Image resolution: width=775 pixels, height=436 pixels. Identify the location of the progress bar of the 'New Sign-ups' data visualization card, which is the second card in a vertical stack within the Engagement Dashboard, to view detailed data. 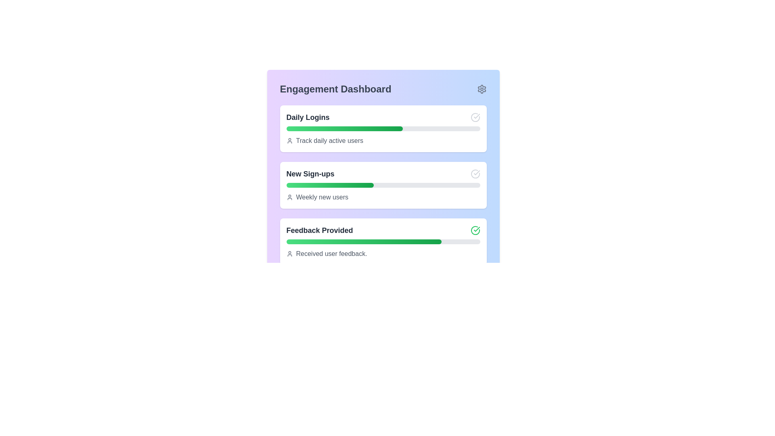
(383, 185).